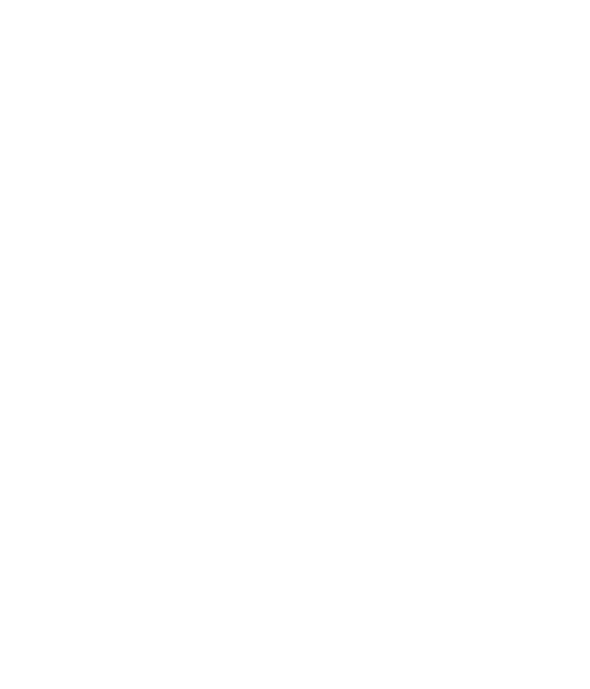 The height and width of the screenshot is (689, 590). Describe the element at coordinates (292, 376) in the screenshot. I see `'Consisting of a central unit, an optional number of delegate units, and one or more transceiver units, the Close-Talk secure wireless conference system has numerous advantages over RF and wired conferencing systems. The wireless system uses up to six infrared communications channels to transmit sound from the transceiver to delegate units, allowing multiple presenters to speak simultaneously and eliminating bugging and interference with other wireless systems. The RS-232 serial port on the central unit enables communication with a PC, as well as with control devices such as AMX and Crestron. Speakers and headphone levels in the delegate stations are adjustable.'` at that location.